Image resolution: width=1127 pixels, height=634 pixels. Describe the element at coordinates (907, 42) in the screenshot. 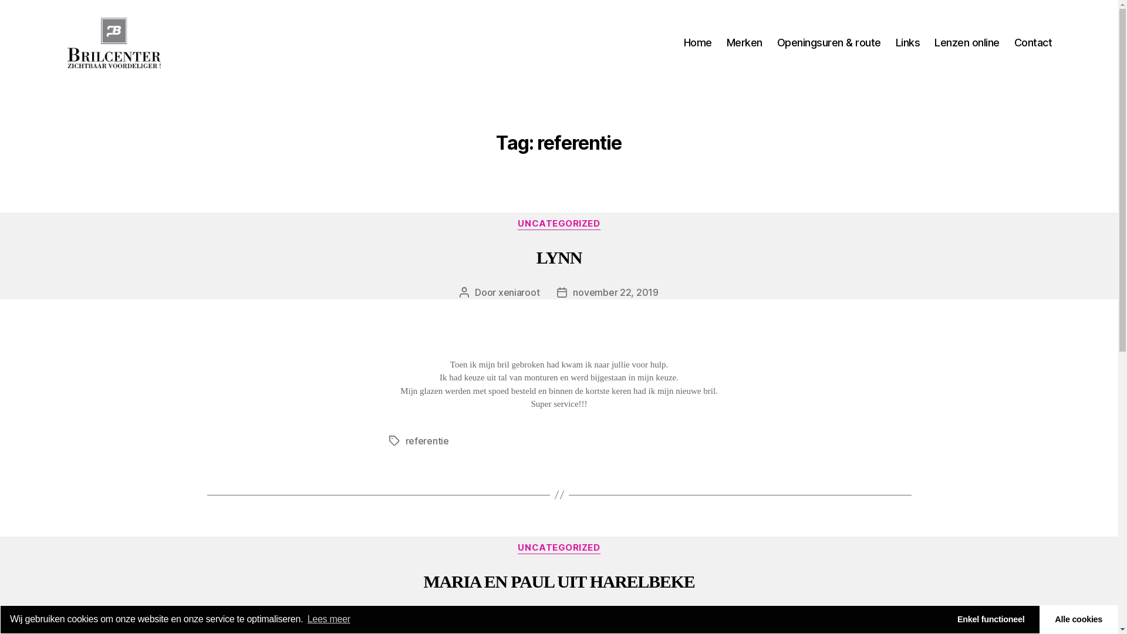

I see `'Links'` at that location.